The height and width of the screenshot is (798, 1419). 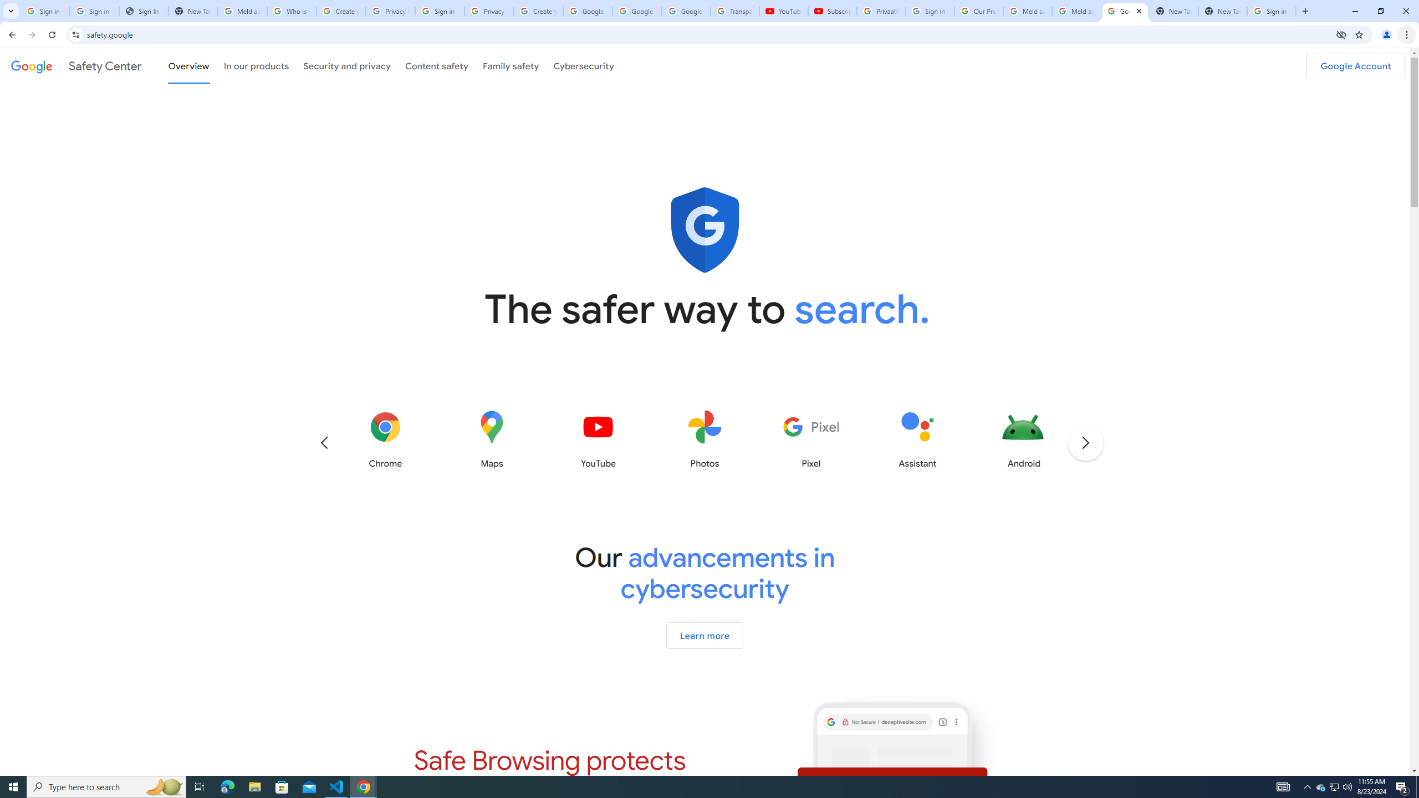 What do you see at coordinates (439, 11) in the screenshot?
I see `'Sign in - Google Accounts'` at bounding box center [439, 11].